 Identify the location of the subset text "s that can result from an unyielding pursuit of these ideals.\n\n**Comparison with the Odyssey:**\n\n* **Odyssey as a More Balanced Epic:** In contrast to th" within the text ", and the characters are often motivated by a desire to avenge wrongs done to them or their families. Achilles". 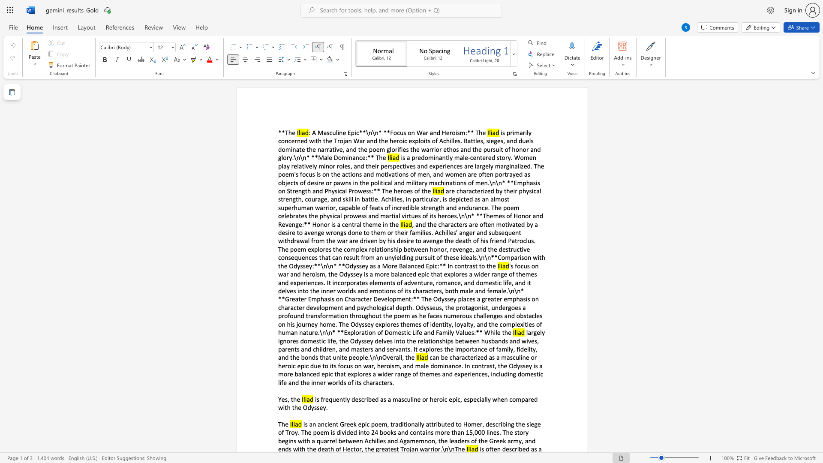
(314, 257).